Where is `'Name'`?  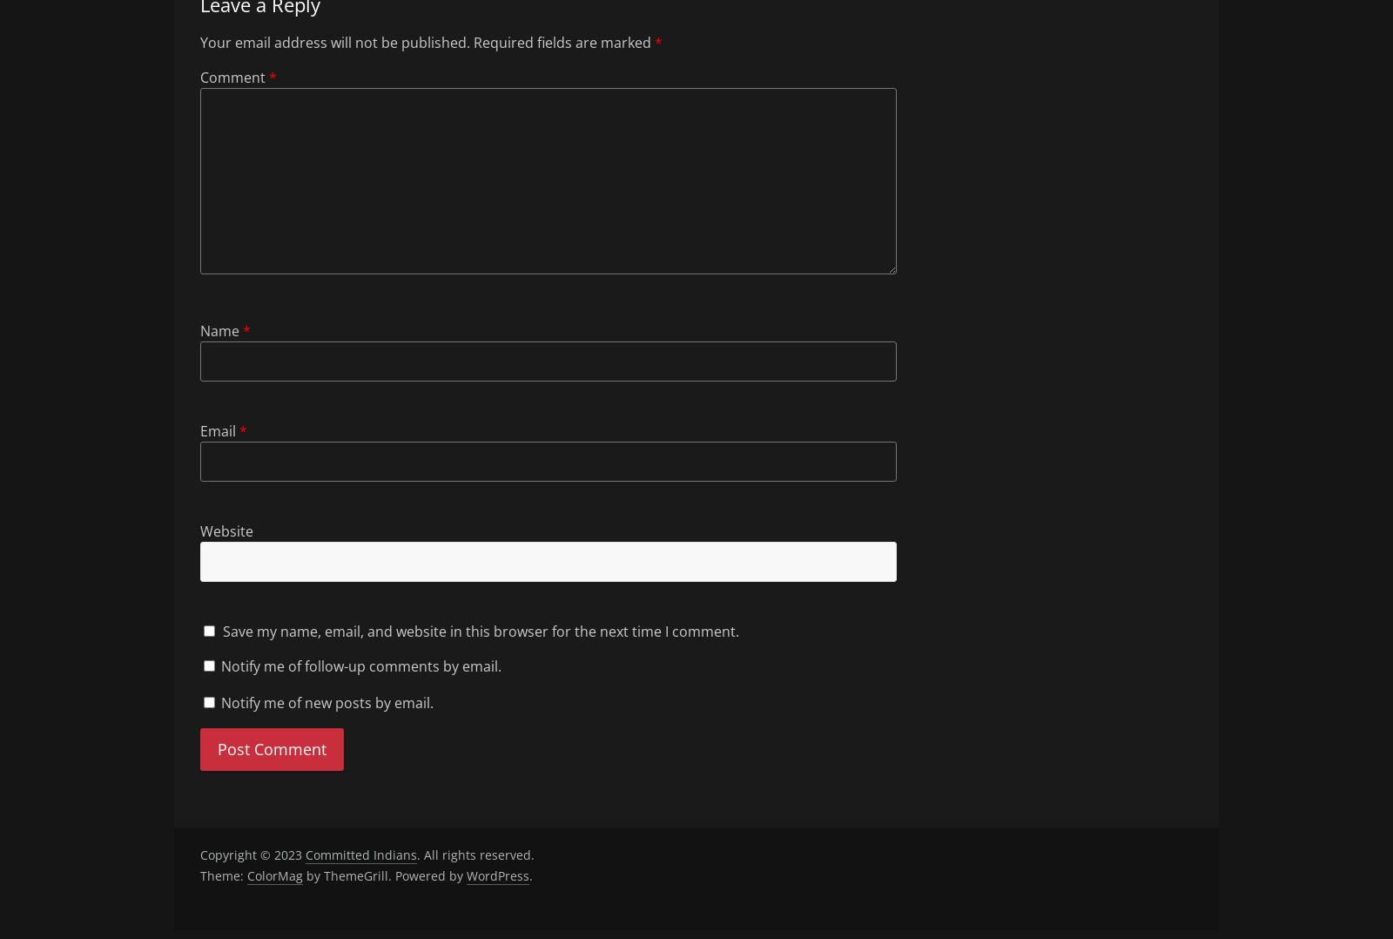
'Name' is located at coordinates (221, 330).